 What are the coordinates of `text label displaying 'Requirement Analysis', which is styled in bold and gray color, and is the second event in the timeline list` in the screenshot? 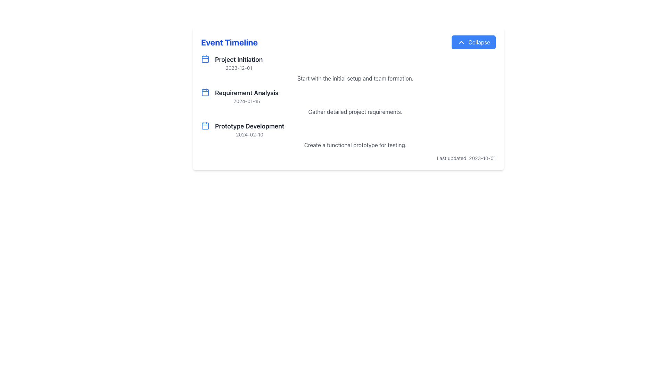 It's located at (247, 92).